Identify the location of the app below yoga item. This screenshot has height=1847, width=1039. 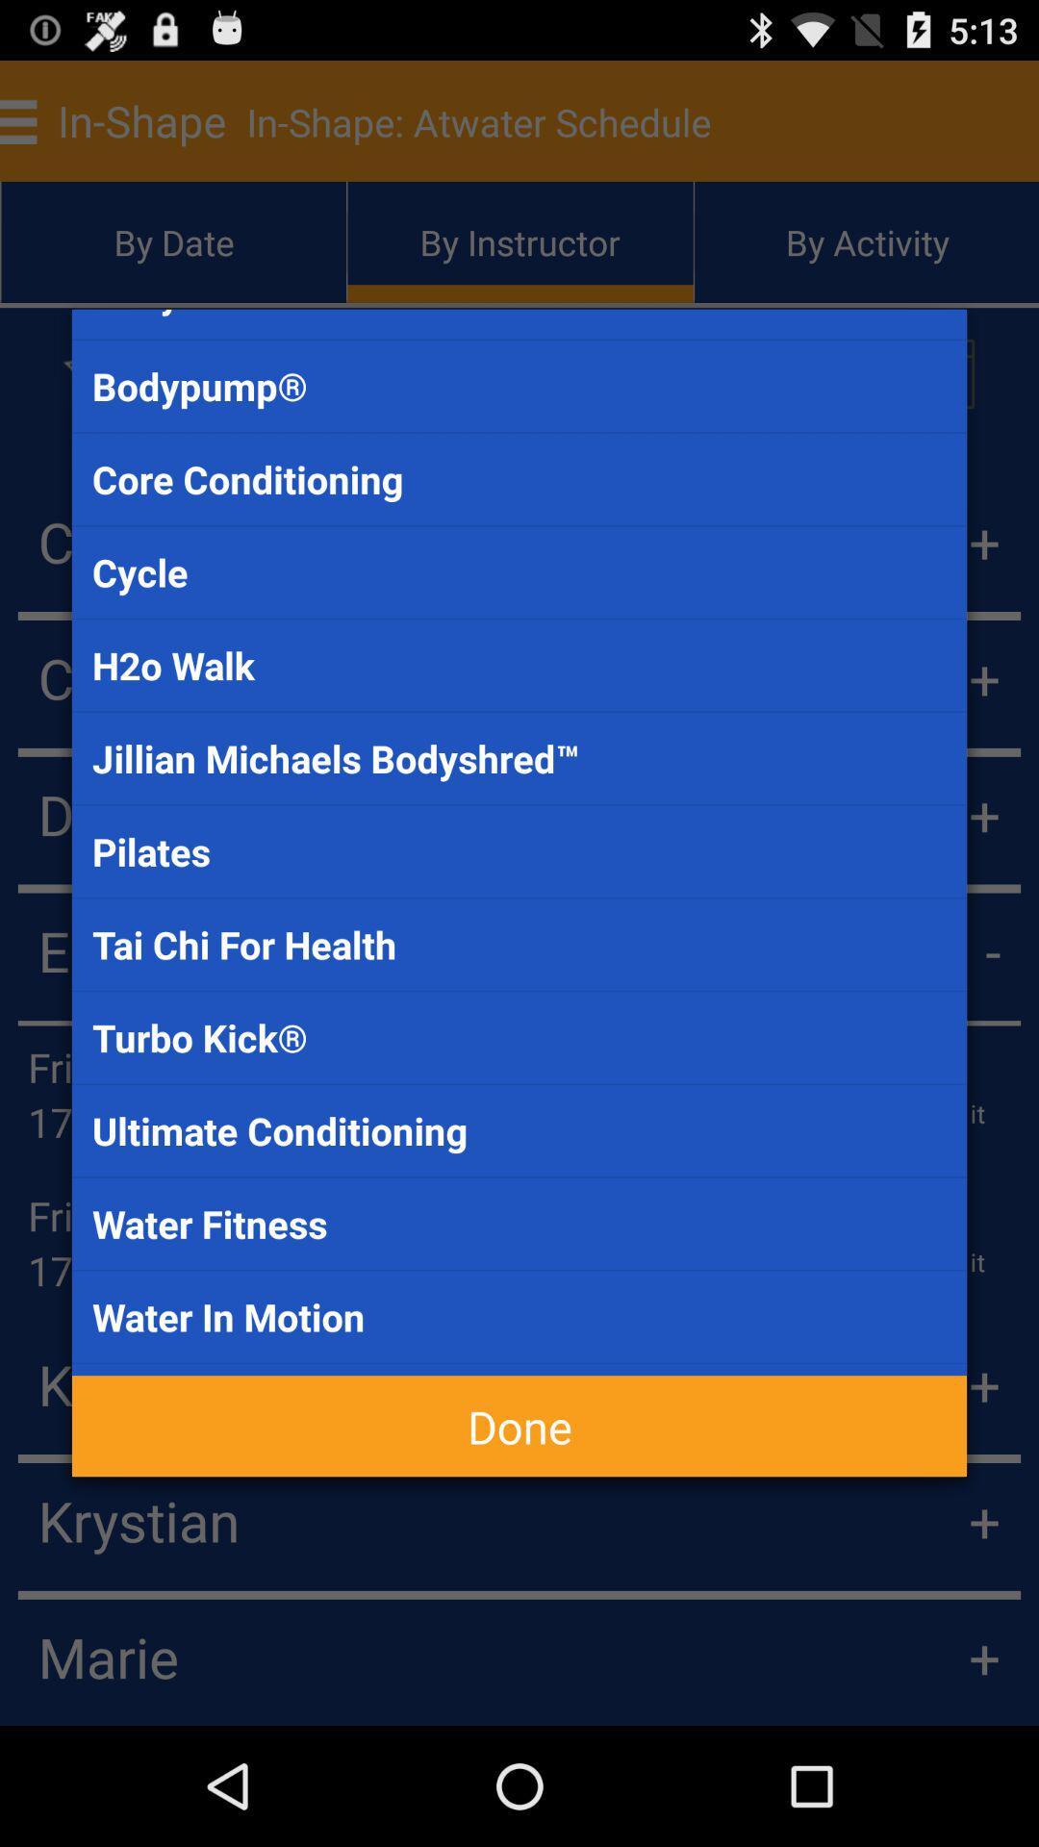
(519, 1426).